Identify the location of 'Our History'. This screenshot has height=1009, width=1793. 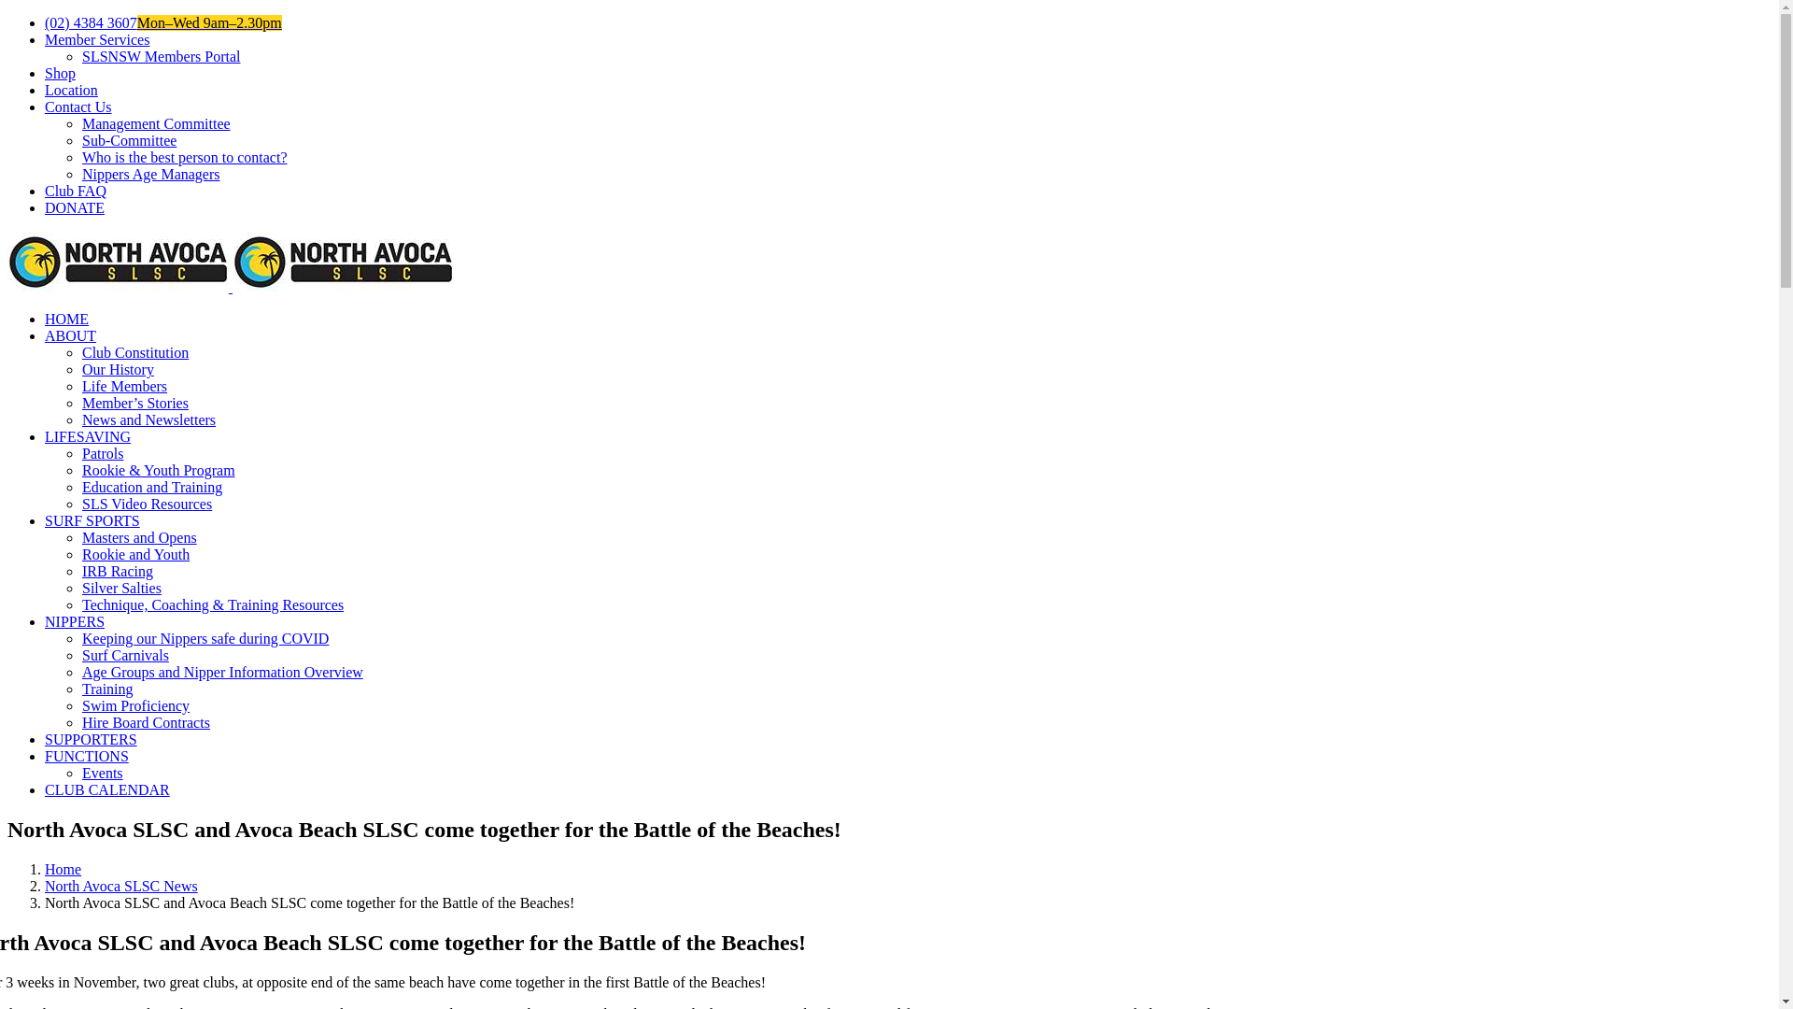
(117, 369).